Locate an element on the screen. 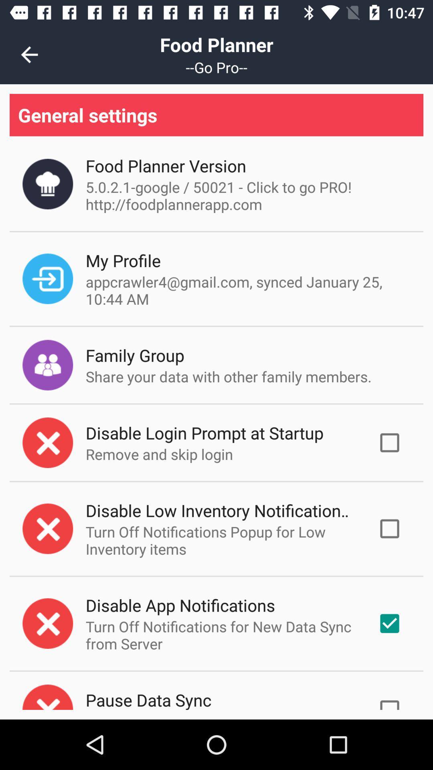 The image size is (433, 770). the icon to the left of the food planner item is located at coordinates (29, 54).